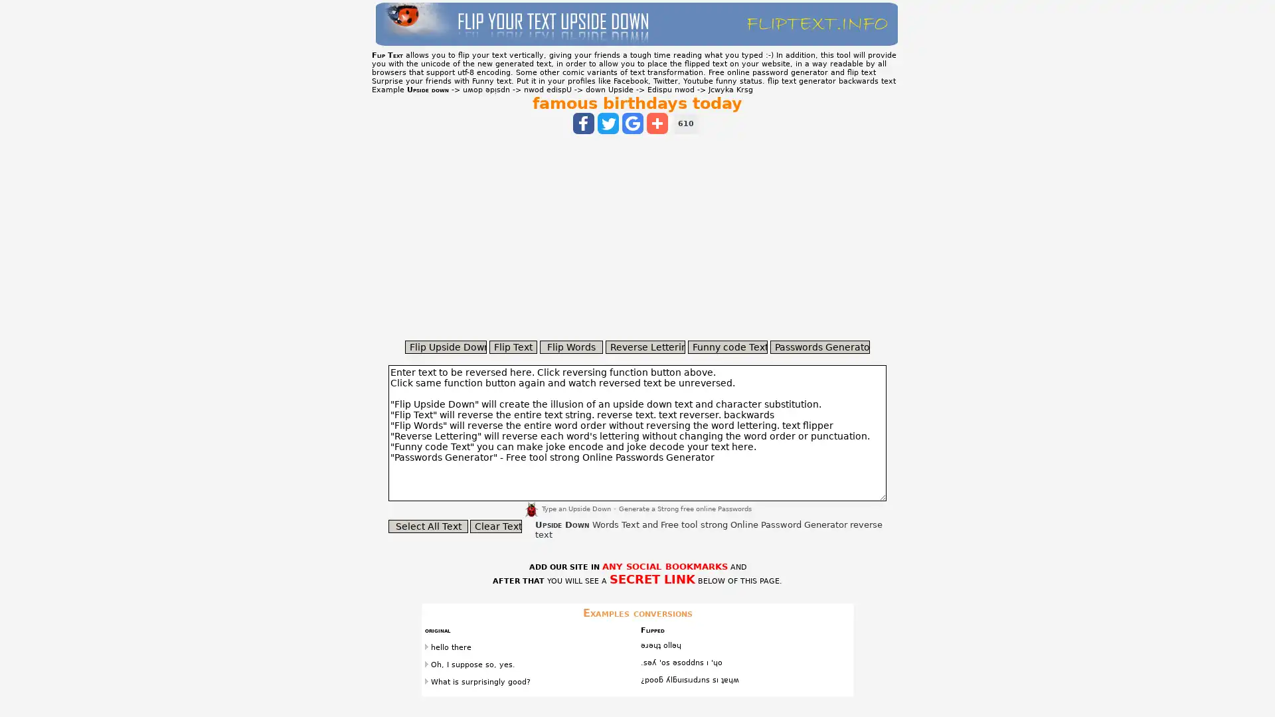 This screenshot has width=1275, height=717. What do you see at coordinates (657, 123) in the screenshot?
I see `Share to More` at bounding box center [657, 123].